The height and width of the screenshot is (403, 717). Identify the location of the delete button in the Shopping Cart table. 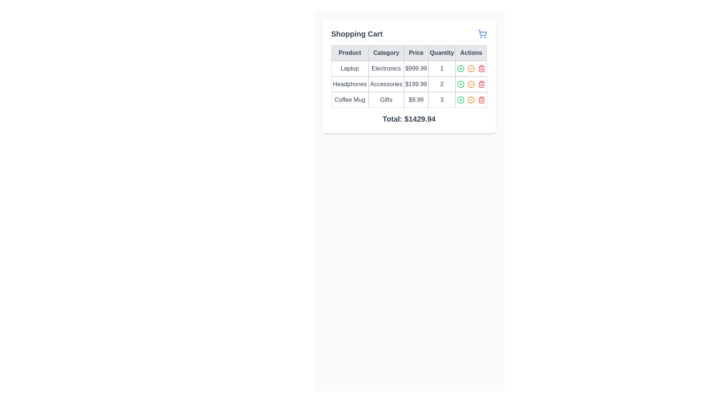
(481, 99).